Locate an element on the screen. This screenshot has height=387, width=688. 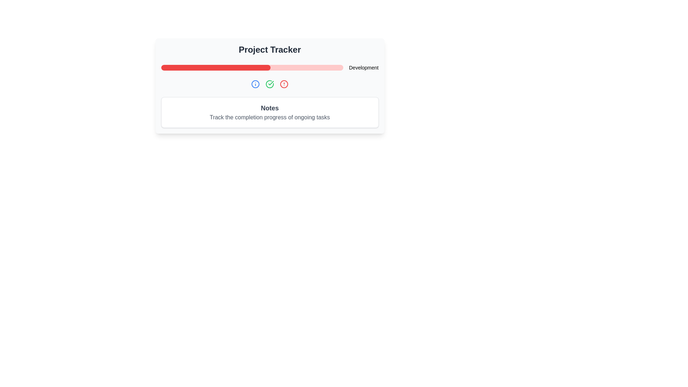
the title Text Label that is horizontally centered and located above the descriptive text about task completion progress is located at coordinates (269, 108).